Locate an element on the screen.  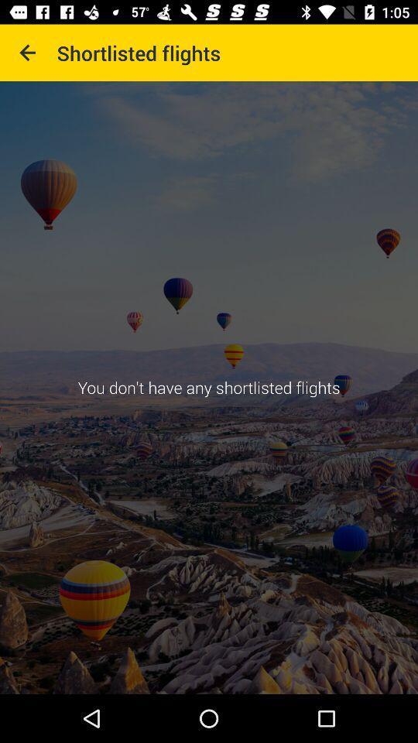
item next to shortlisted flights icon is located at coordinates (28, 53).